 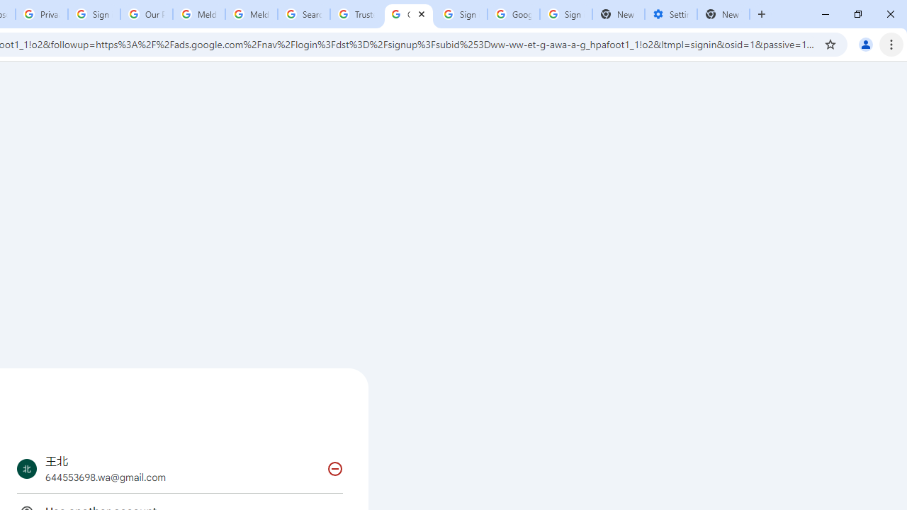 I want to click on 'Trusted Information and Content - Google Safety Center', so click(x=356, y=14).